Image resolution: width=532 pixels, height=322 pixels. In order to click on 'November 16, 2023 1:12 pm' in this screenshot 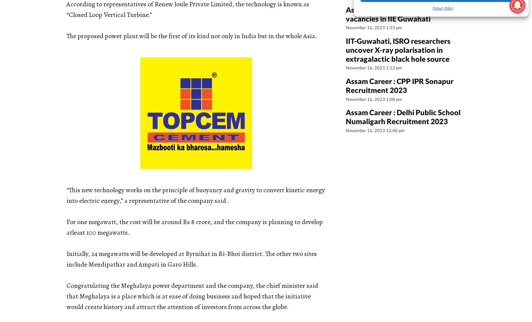, I will do `click(374, 67)`.